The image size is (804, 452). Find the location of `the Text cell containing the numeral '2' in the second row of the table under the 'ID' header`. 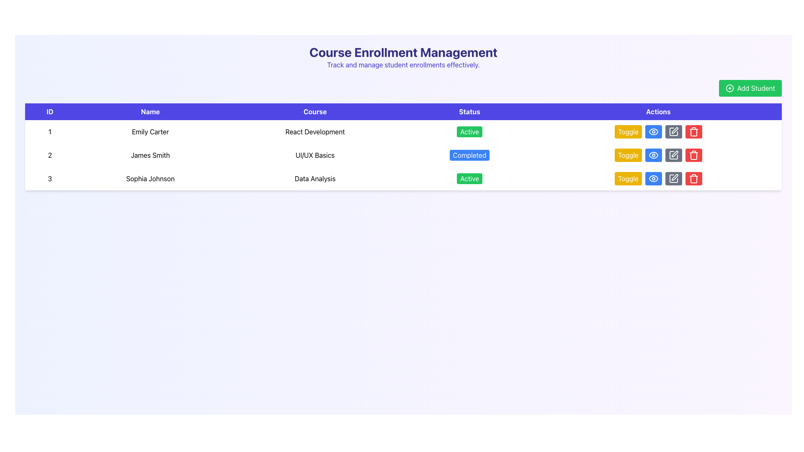

the Text cell containing the numeral '2' in the second row of the table under the 'ID' header is located at coordinates (49, 155).